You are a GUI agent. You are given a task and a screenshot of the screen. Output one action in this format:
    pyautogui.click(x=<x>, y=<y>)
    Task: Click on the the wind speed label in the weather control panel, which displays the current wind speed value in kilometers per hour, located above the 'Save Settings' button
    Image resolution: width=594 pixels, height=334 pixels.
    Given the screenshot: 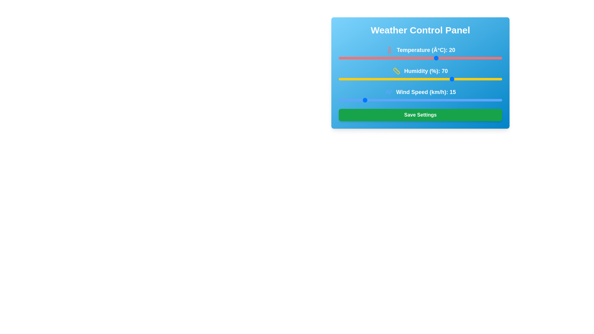 What is the action you would take?
    pyautogui.click(x=420, y=94)
    